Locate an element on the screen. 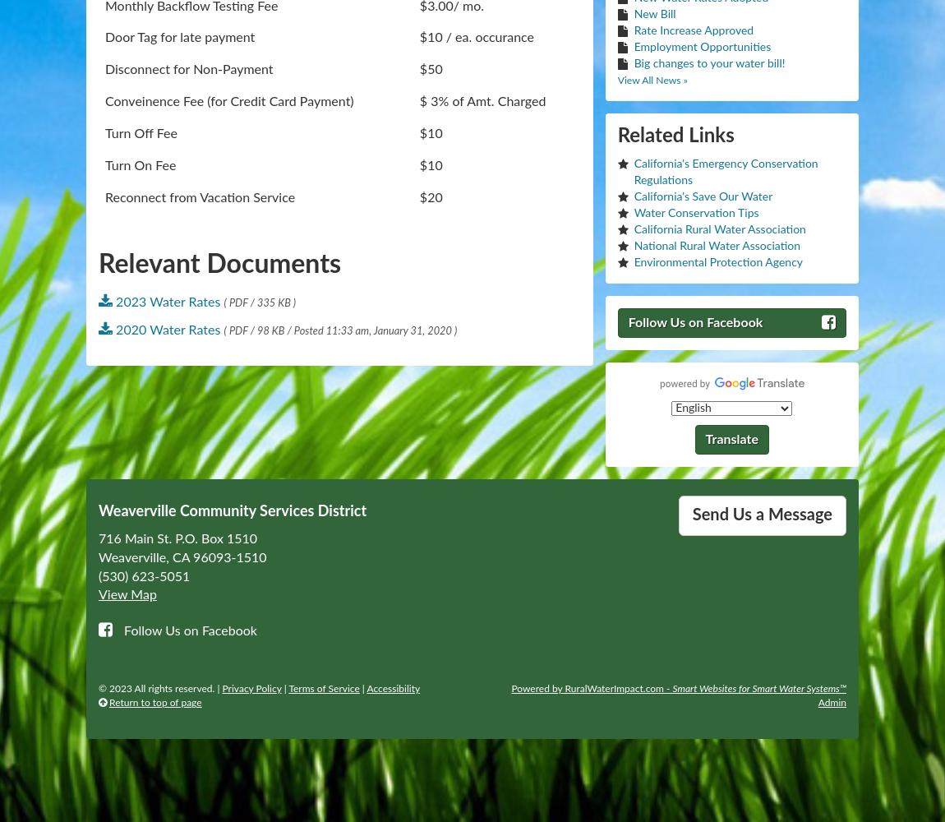  'New Bill' is located at coordinates (653, 14).